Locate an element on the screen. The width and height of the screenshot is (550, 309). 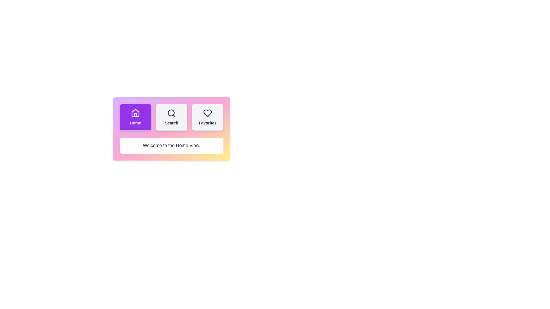
the 'Favorites' button, which is a rounded rectangle with a light gray background and a heart icon above the text is located at coordinates (207, 117).